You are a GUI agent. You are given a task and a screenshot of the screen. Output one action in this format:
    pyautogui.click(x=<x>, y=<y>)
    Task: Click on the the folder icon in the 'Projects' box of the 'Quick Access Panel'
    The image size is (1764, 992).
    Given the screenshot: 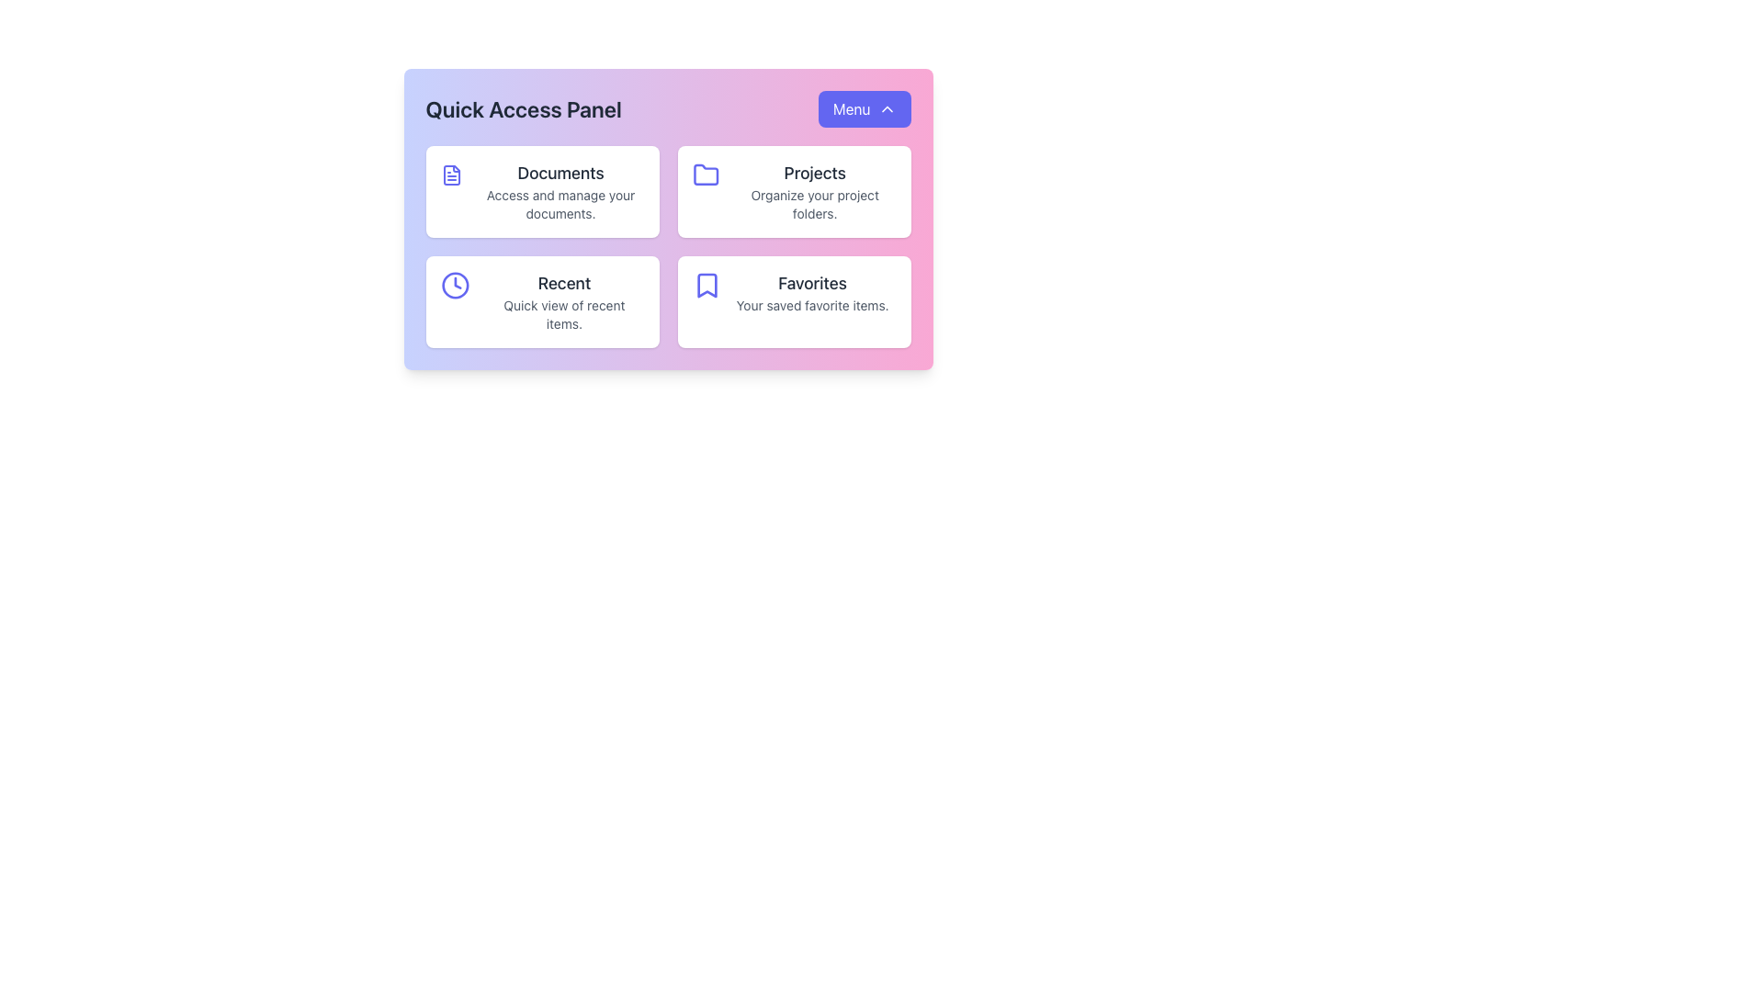 What is the action you would take?
    pyautogui.click(x=705, y=175)
    